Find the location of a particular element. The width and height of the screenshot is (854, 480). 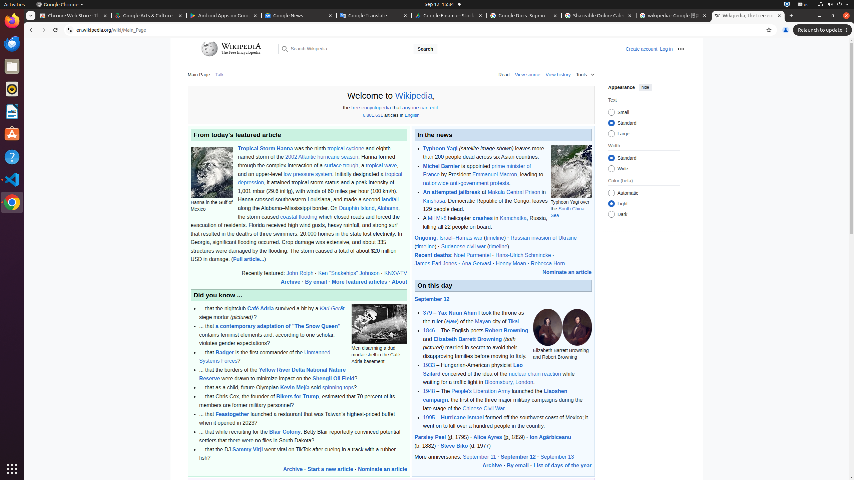

'Recent deaths' is located at coordinates (432, 254).